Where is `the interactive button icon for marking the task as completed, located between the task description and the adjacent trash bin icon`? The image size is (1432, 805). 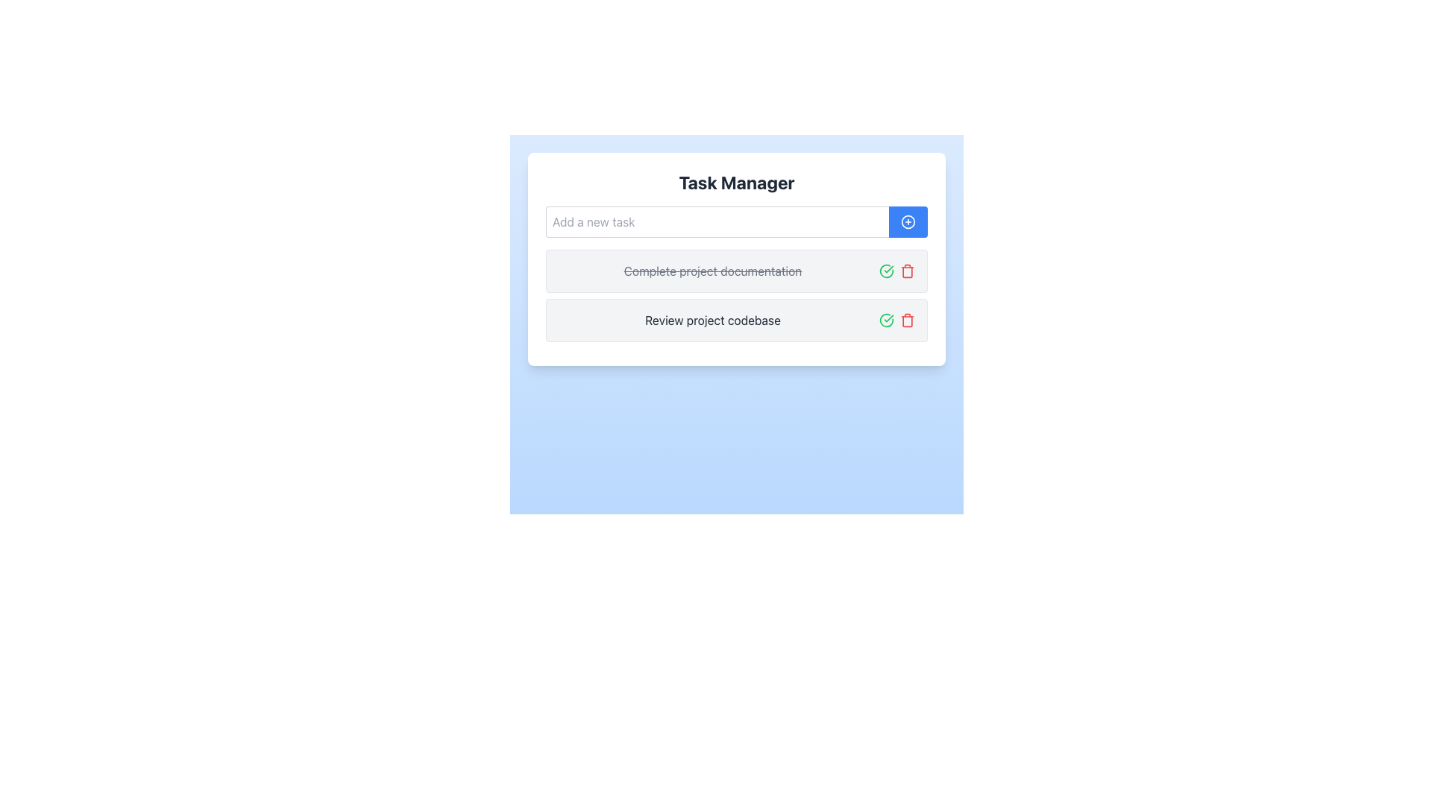 the interactive button icon for marking the task as completed, located between the task description and the adjacent trash bin icon is located at coordinates (887, 271).